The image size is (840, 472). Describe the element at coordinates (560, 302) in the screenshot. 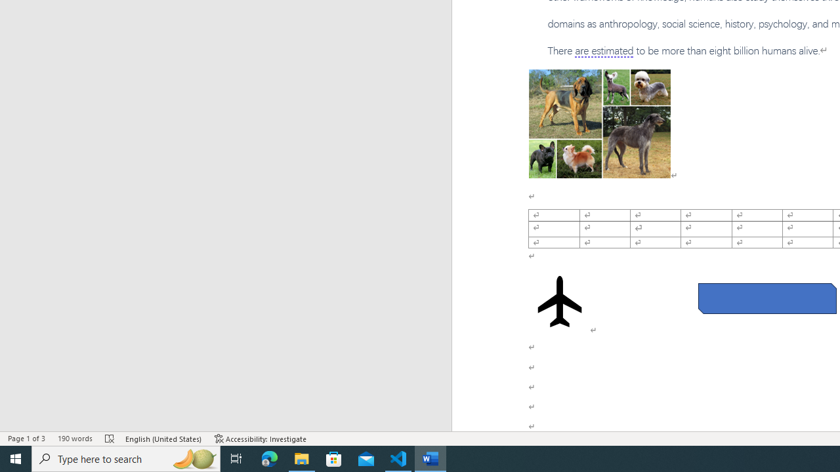

I see `'Airplane with solid fill'` at that location.